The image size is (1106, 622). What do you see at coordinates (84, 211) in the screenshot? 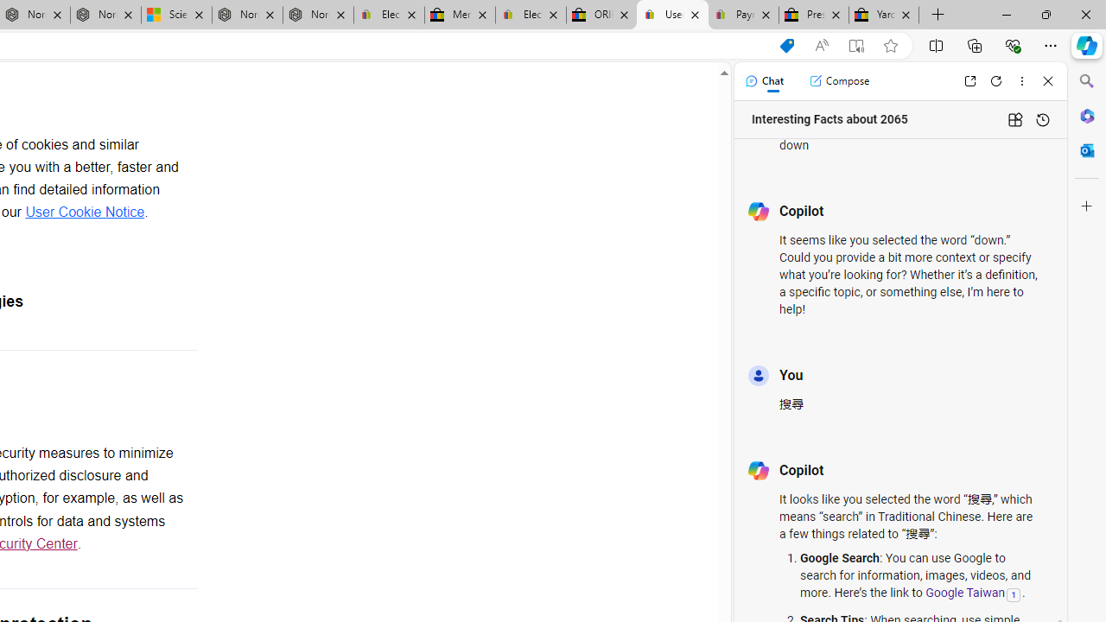
I see `'User Cookie Notice'` at bounding box center [84, 211].